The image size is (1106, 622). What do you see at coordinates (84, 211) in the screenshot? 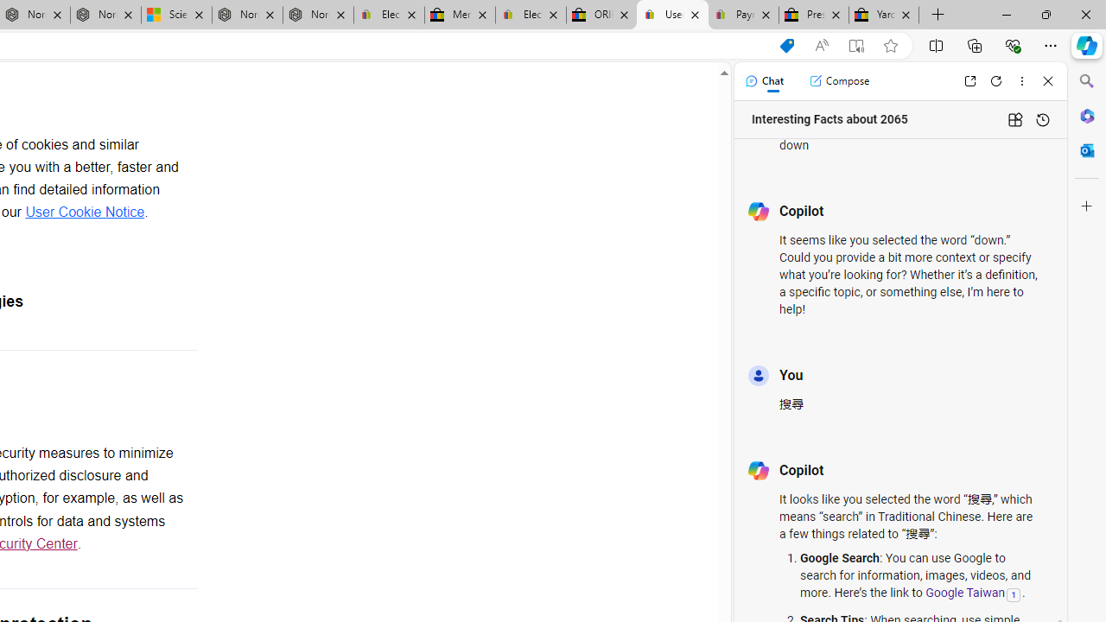
I see `'User Cookie Notice'` at bounding box center [84, 211].